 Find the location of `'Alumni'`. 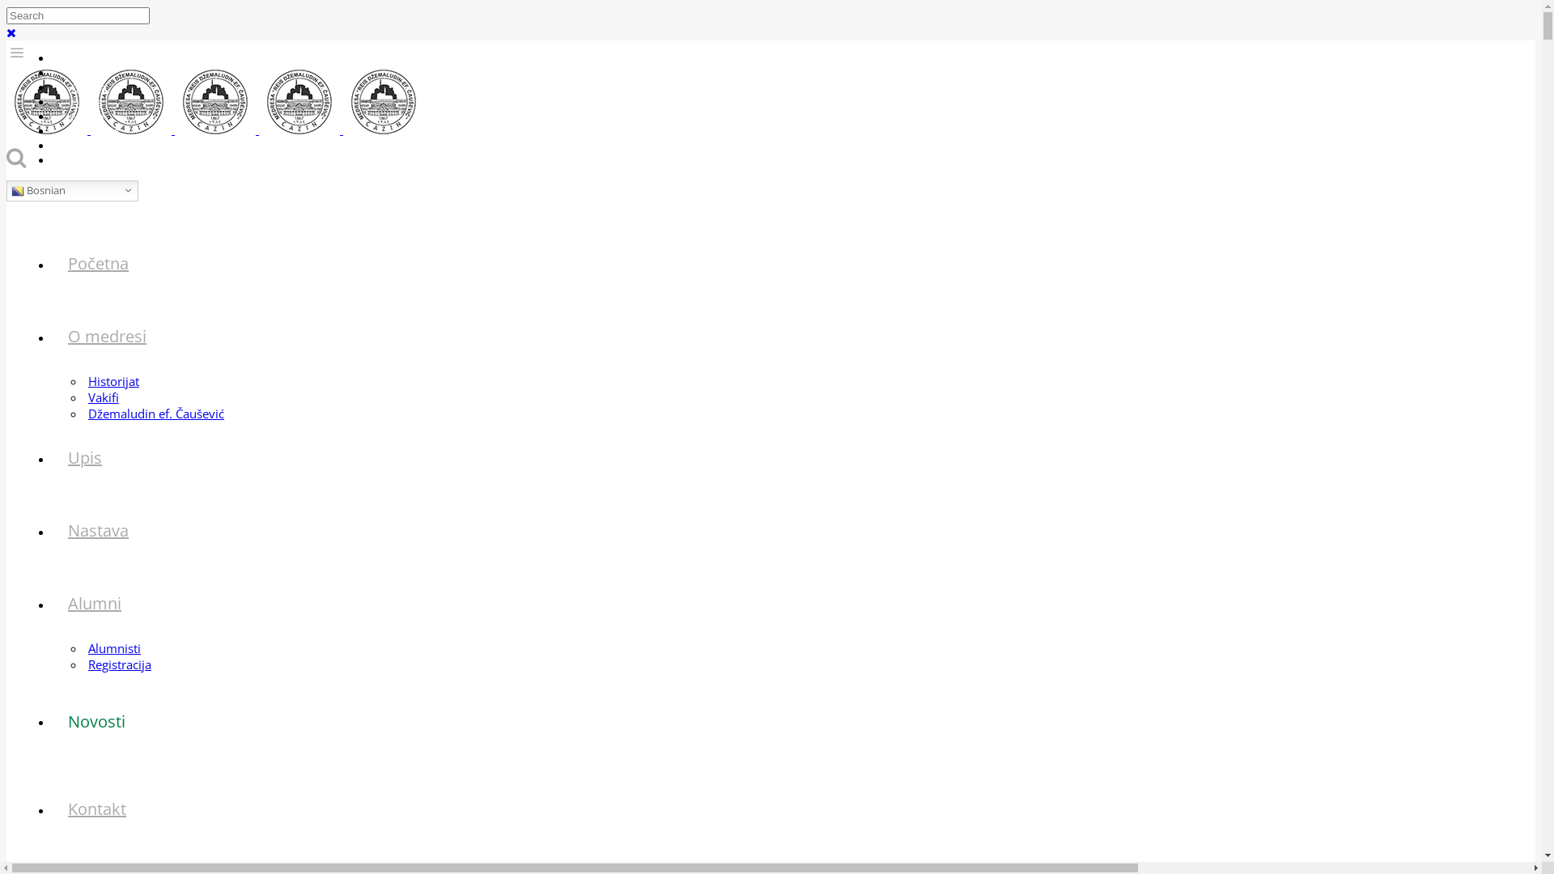

'Alumni' is located at coordinates (93, 603).